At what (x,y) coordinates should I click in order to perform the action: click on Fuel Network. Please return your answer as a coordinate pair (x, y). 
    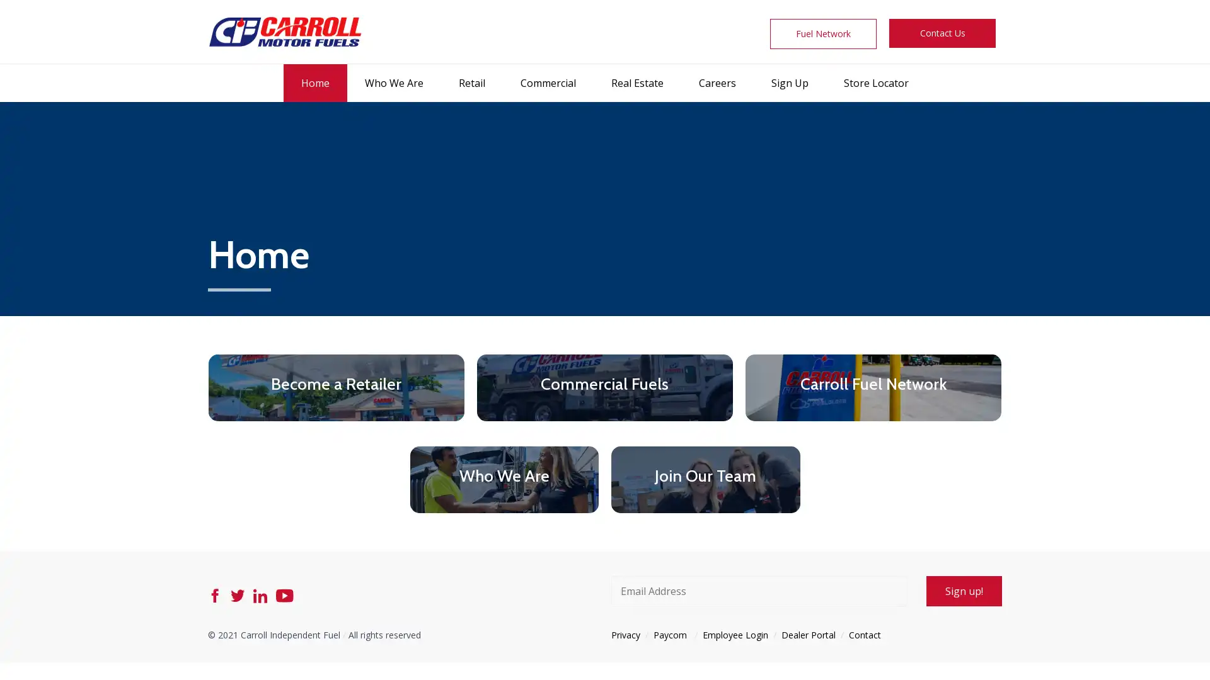
    Looking at the image, I should click on (823, 33).